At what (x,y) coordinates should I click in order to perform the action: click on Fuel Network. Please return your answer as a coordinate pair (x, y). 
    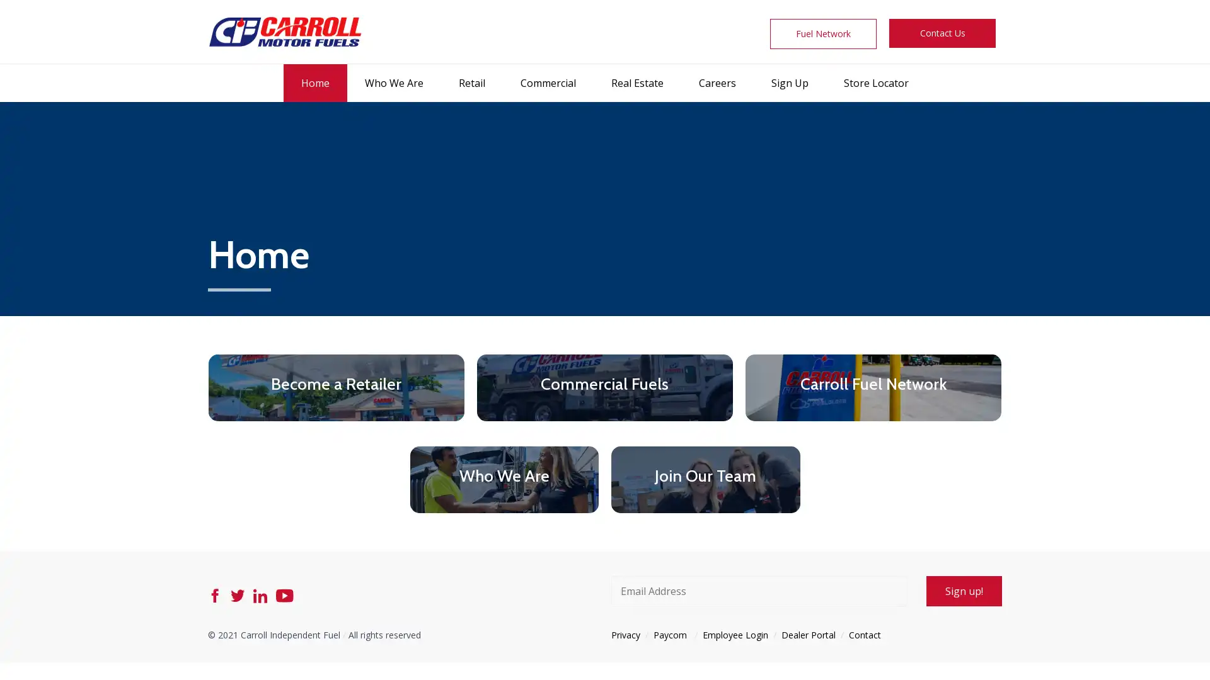
    Looking at the image, I should click on (823, 33).